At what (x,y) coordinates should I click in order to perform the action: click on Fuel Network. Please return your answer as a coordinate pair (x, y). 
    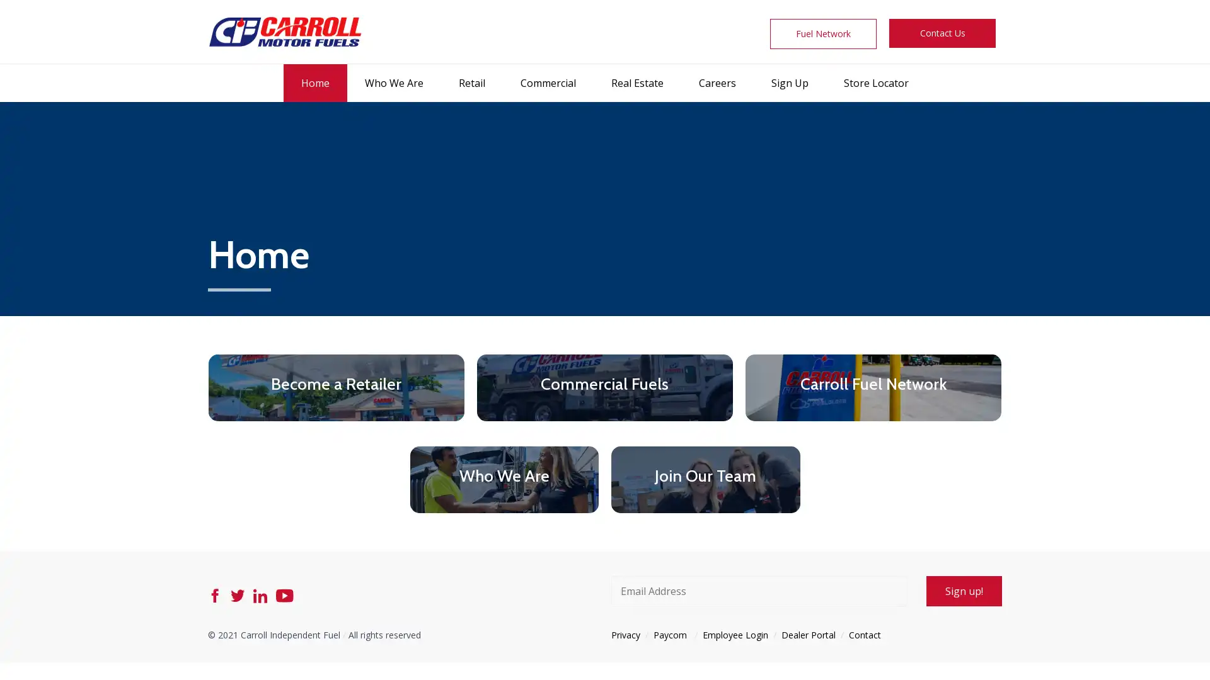
    Looking at the image, I should click on (823, 33).